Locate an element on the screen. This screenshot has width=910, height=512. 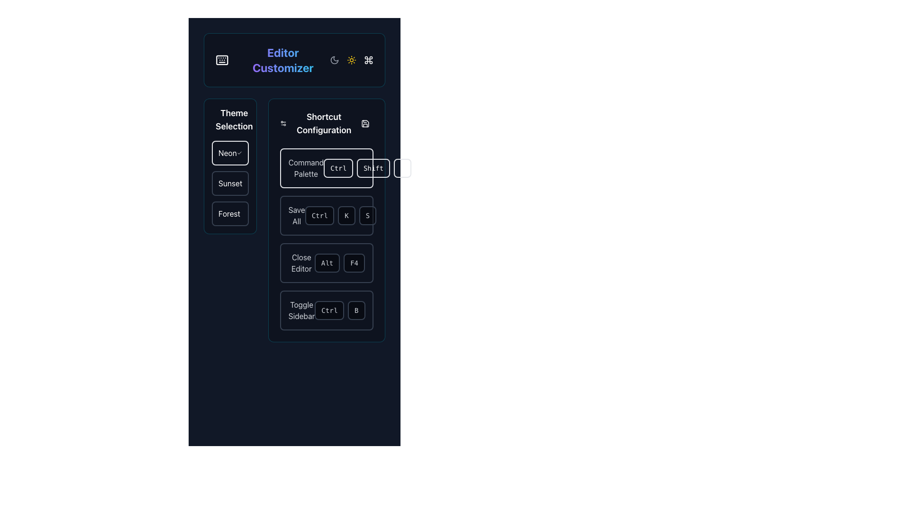
the keyboard shortcut button representing 'Ctrl', which is located to the right of the 'Toggle Sidebar' text in the shortcut configuration section is located at coordinates (340, 311).